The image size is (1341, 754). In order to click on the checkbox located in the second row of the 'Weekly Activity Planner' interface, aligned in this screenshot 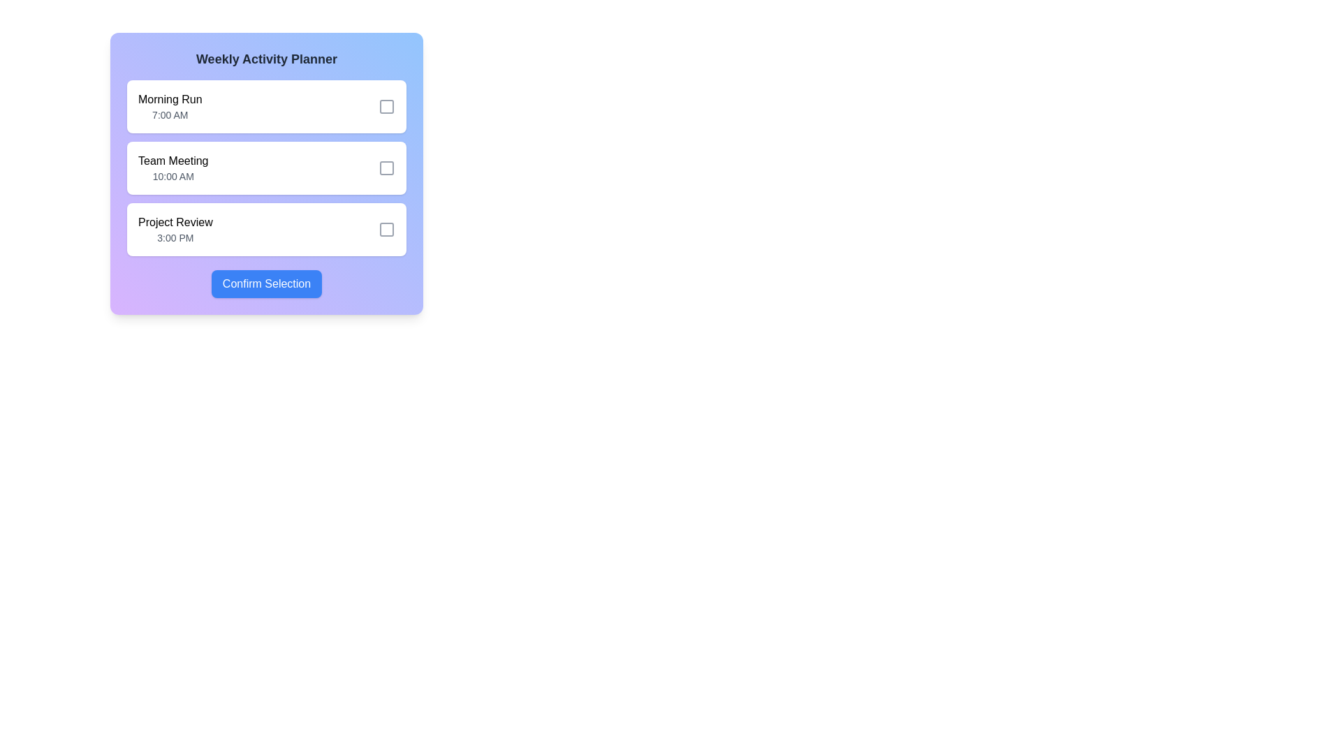, I will do `click(386, 167)`.